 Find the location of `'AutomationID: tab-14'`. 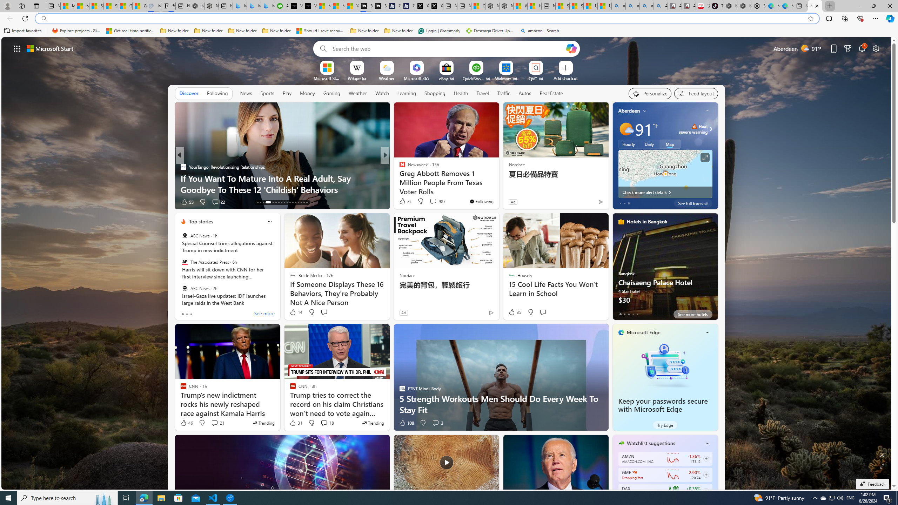

'AutomationID: tab-14' is located at coordinates (260, 202).